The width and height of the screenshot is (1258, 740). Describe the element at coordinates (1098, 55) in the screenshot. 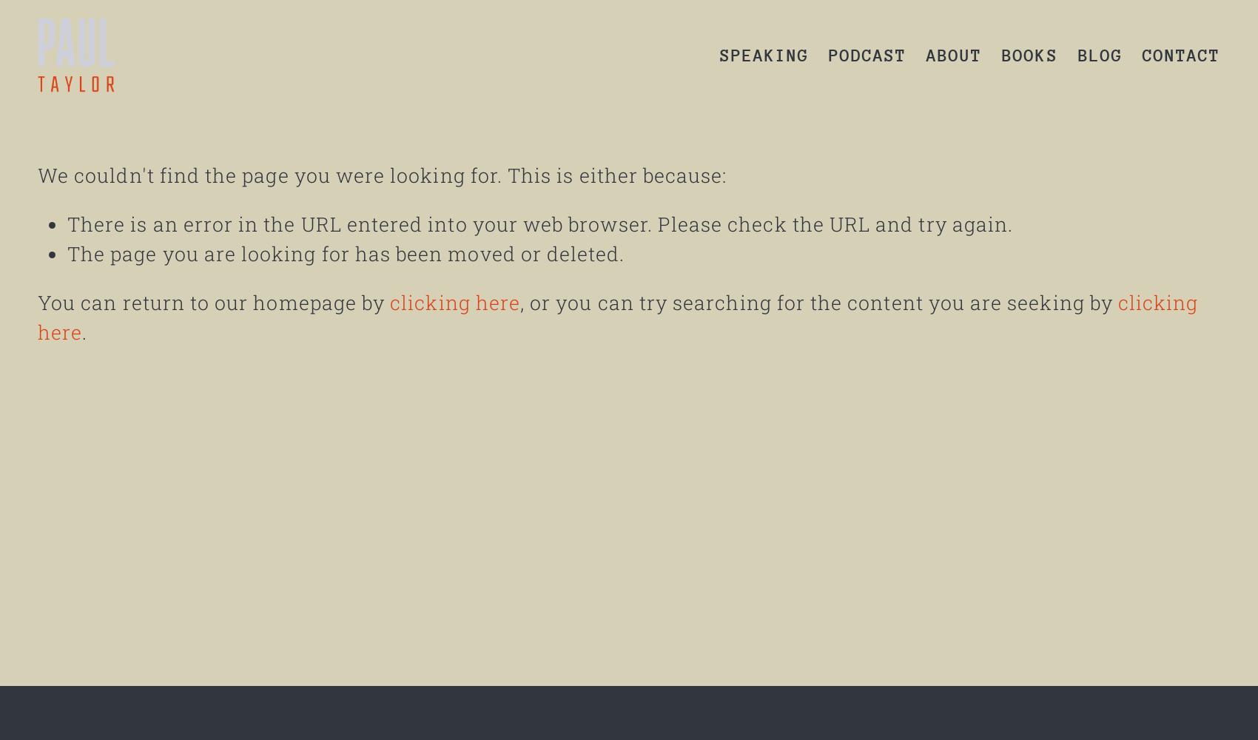

I see `'BLOG'` at that location.